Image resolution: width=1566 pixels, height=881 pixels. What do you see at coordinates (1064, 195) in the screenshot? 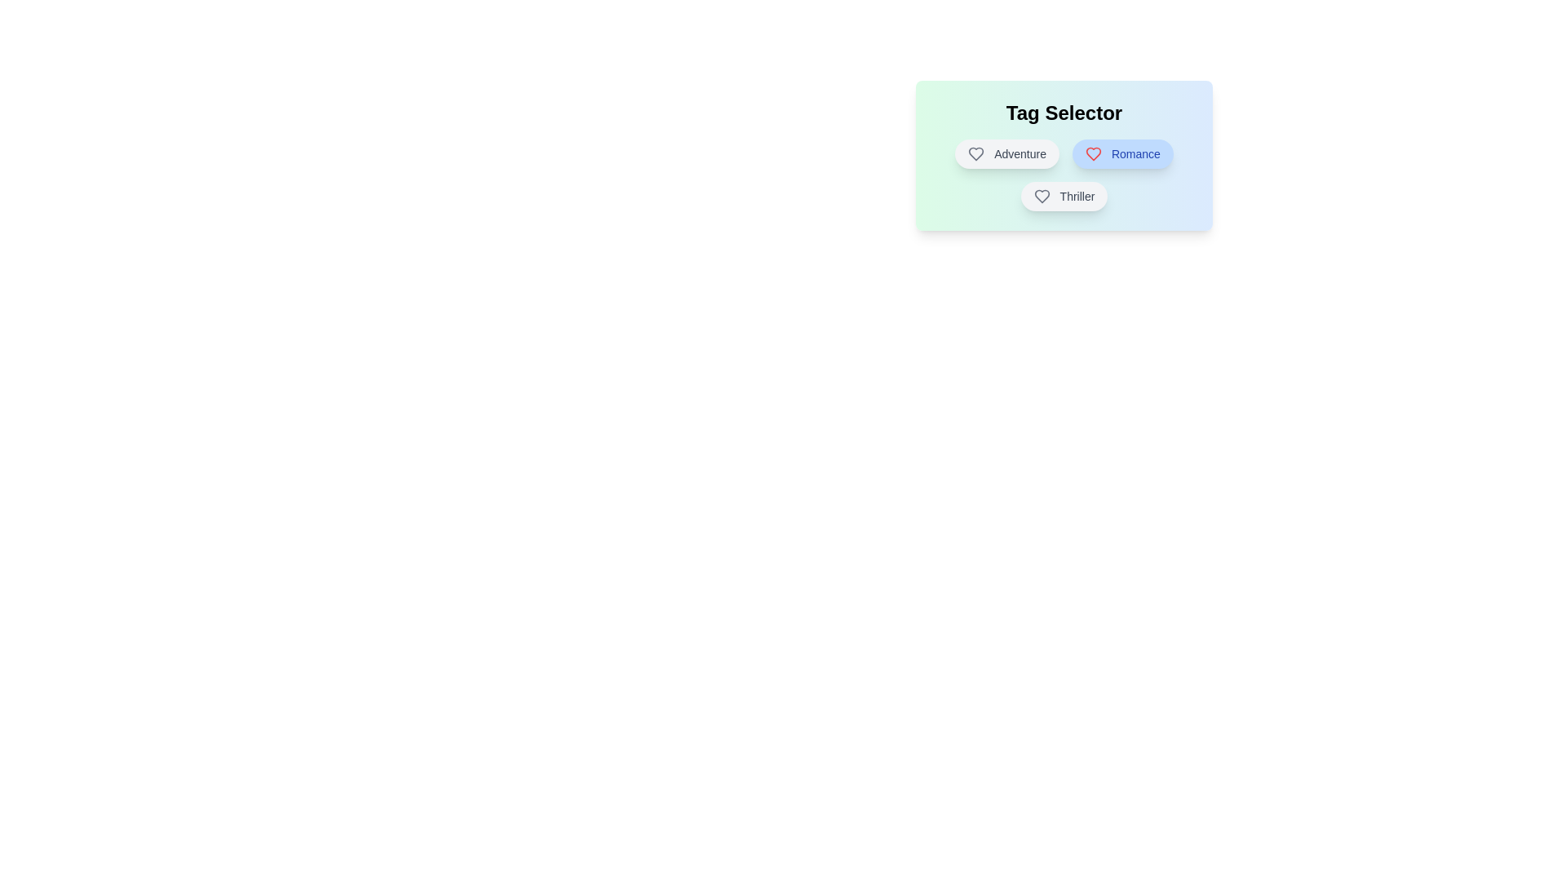
I see `the tag Thriller` at bounding box center [1064, 195].